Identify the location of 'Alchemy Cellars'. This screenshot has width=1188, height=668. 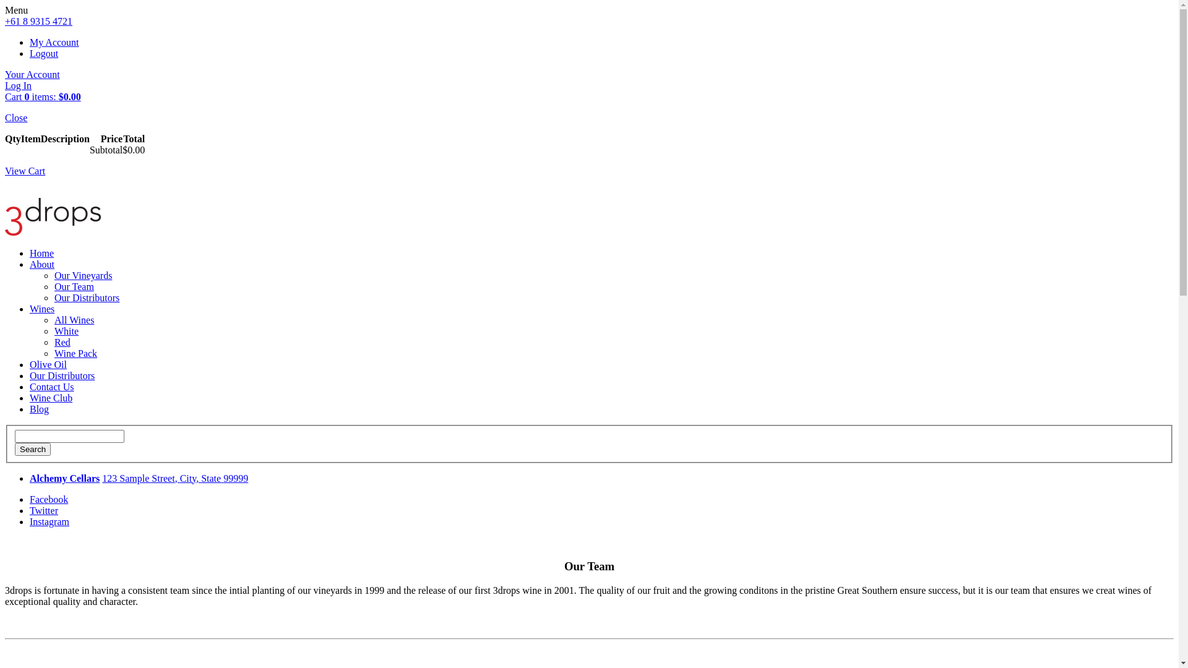
(64, 477).